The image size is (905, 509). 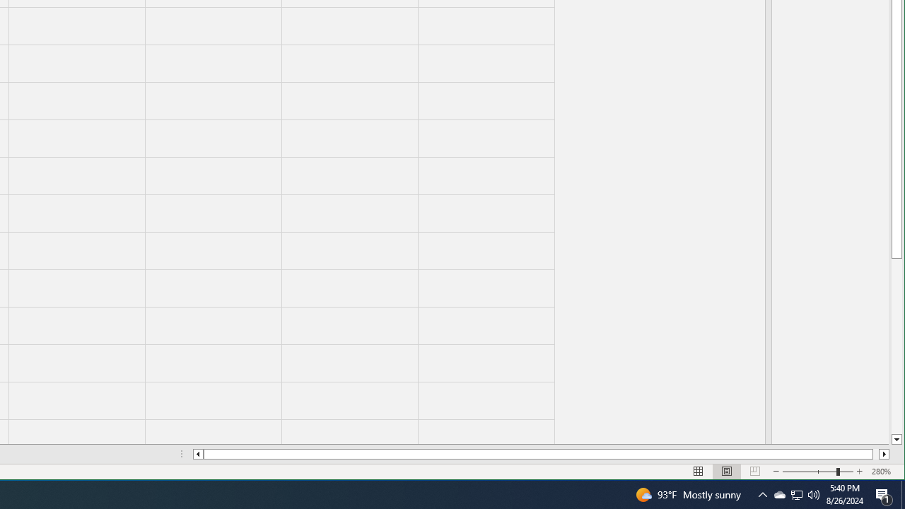 What do you see at coordinates (197, 454) in the screenshot?
I see `'Column left'` at bounding box center [197, 454].